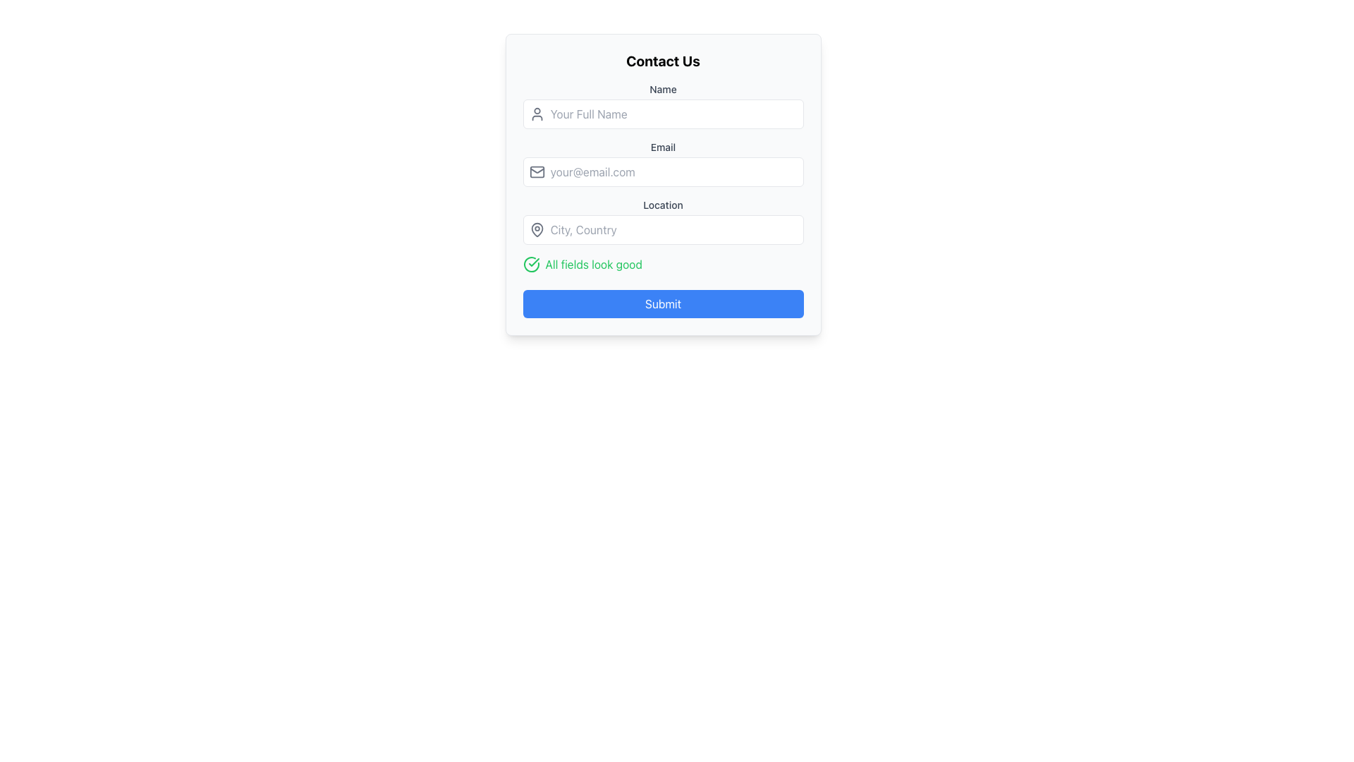 The image size is (1354, 762). Describe the element at coordinates (536, 229) in the screenshot. I see `the icon associated with the 'Location' input field` at that location.